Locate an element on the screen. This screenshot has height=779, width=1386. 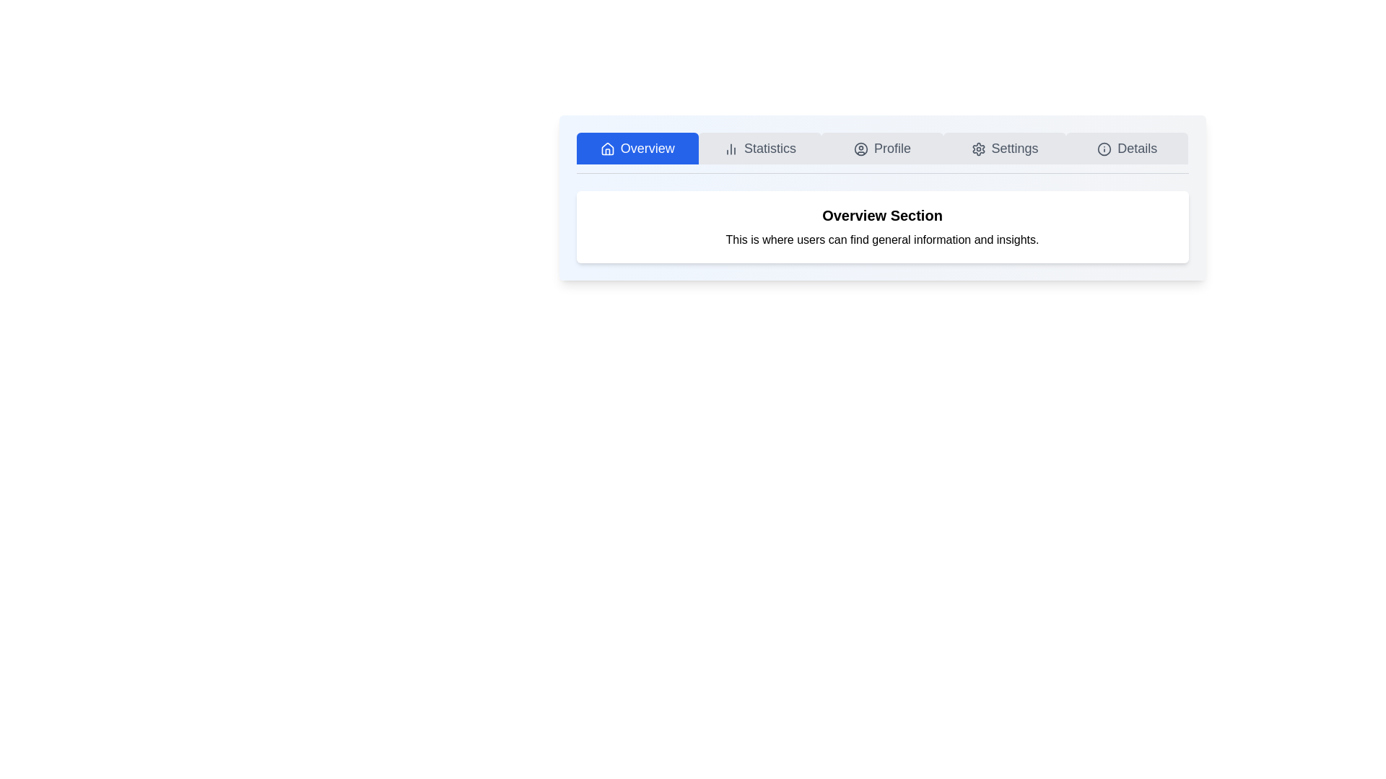
the 'Statistics' tab in the navigation bar is located at coordinates (759, 148).